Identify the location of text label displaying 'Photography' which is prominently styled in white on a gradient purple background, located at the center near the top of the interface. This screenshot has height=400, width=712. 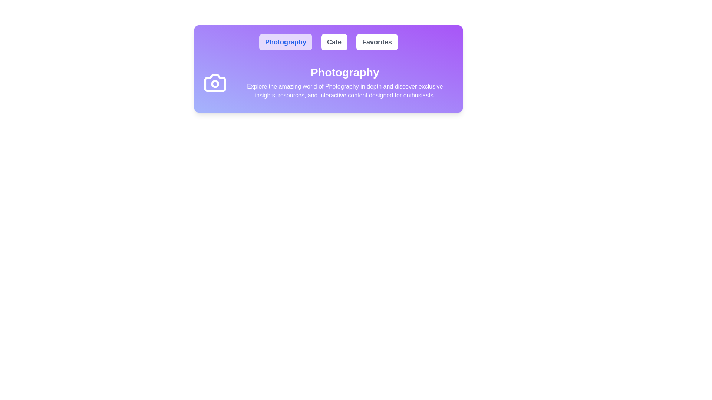
(345, 73).